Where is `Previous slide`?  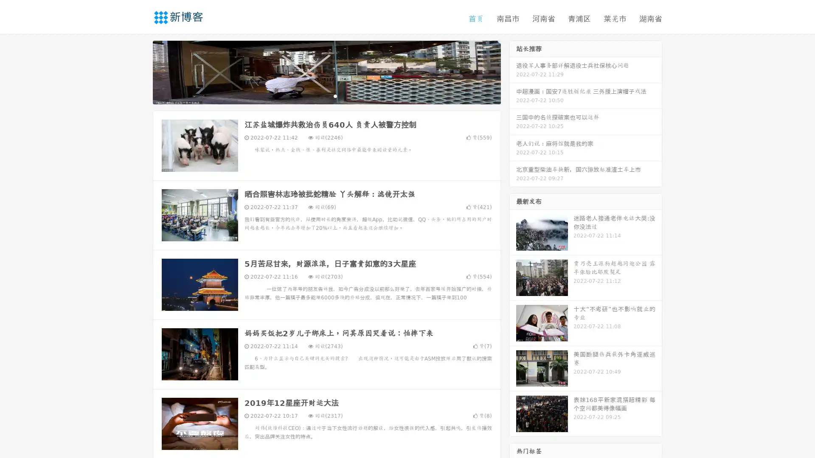
Previous slide is located at coordinates (140, 71).